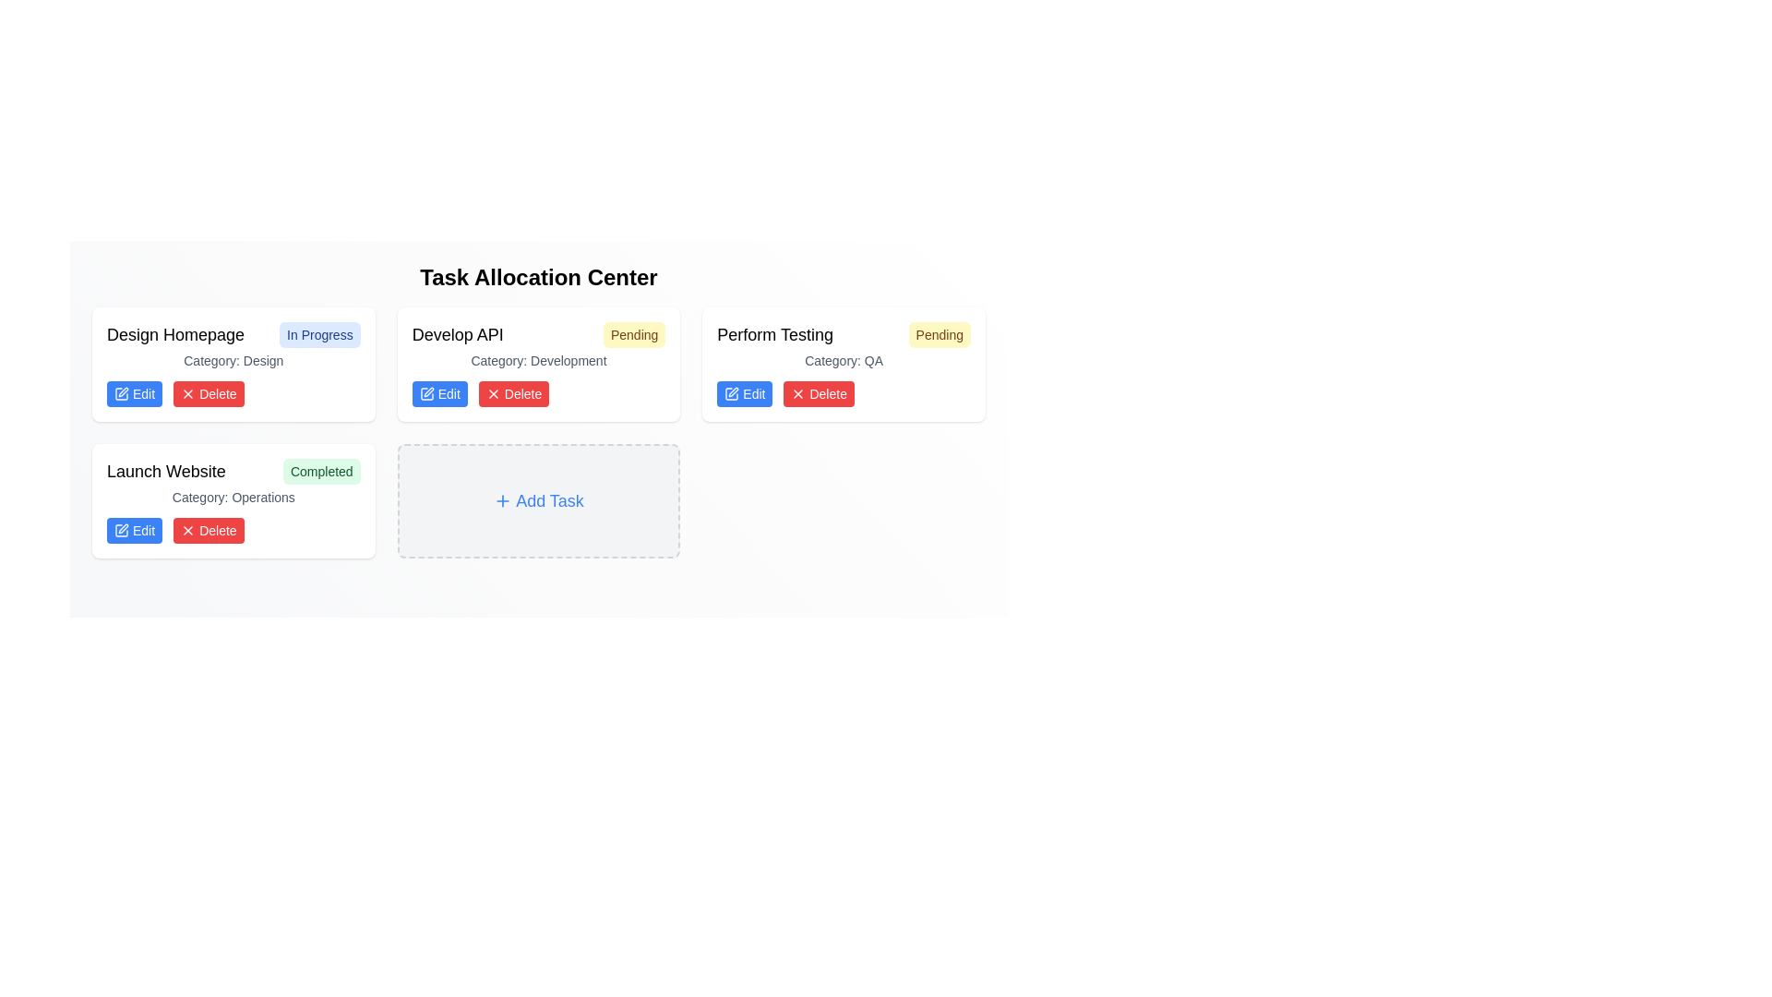  What do you see at coordinates (634, 334) in the screenshot?
I see `the 'Pending' status label located in the top-right corner of the 'Develop API' task card` at bounding box center [634, 334].